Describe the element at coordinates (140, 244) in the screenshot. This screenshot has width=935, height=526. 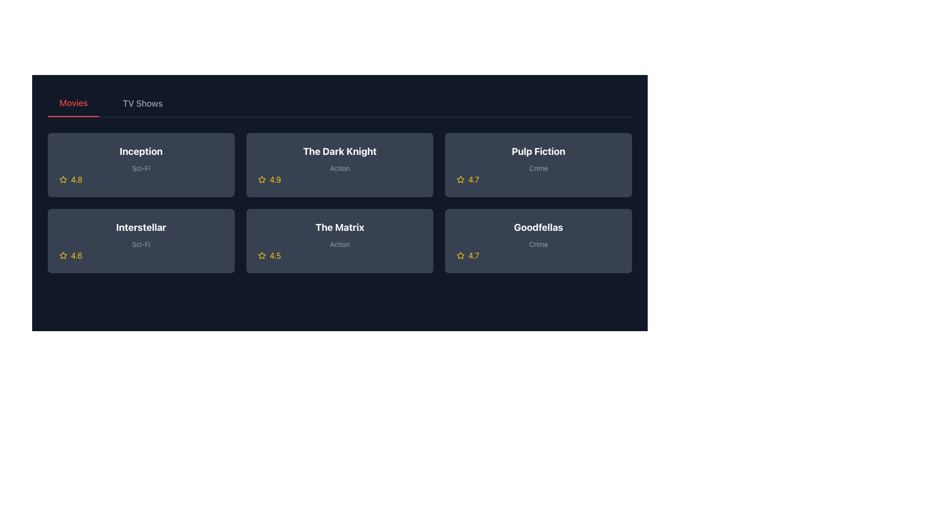
I see `the small text label that reads 'Sci-Fi', which is styled with a small font size and gray coloration, located below the bold white 'Interstellar' title text` at that location.